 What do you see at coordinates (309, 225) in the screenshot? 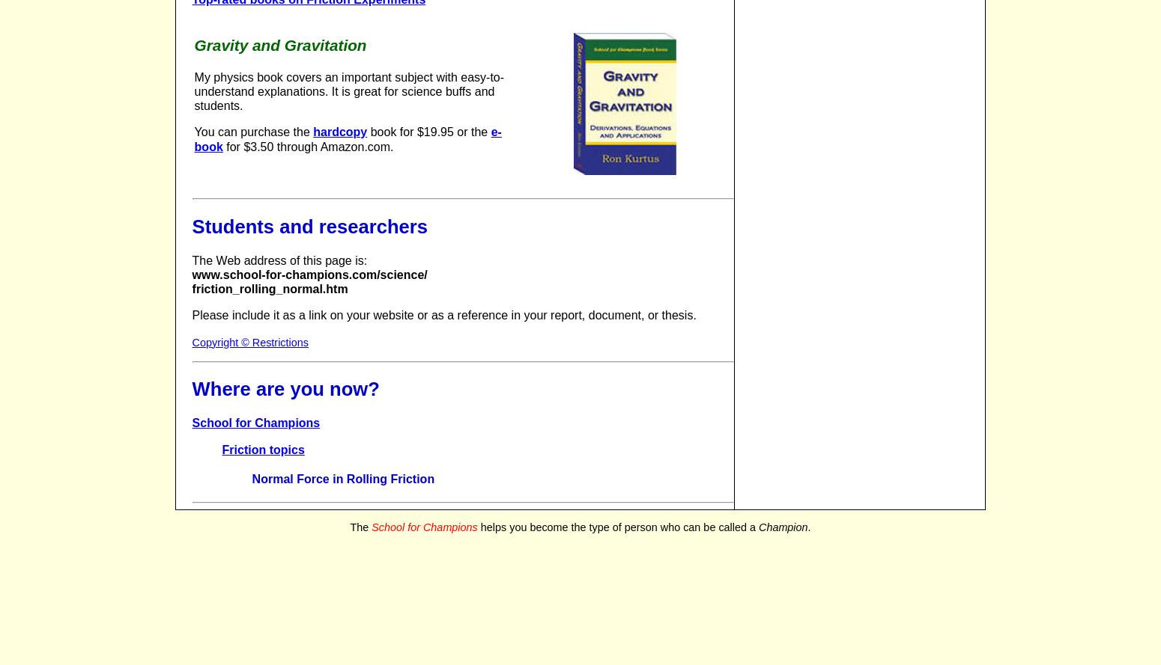
I see `'Students and researchers'` at bounding box center [309, 225].